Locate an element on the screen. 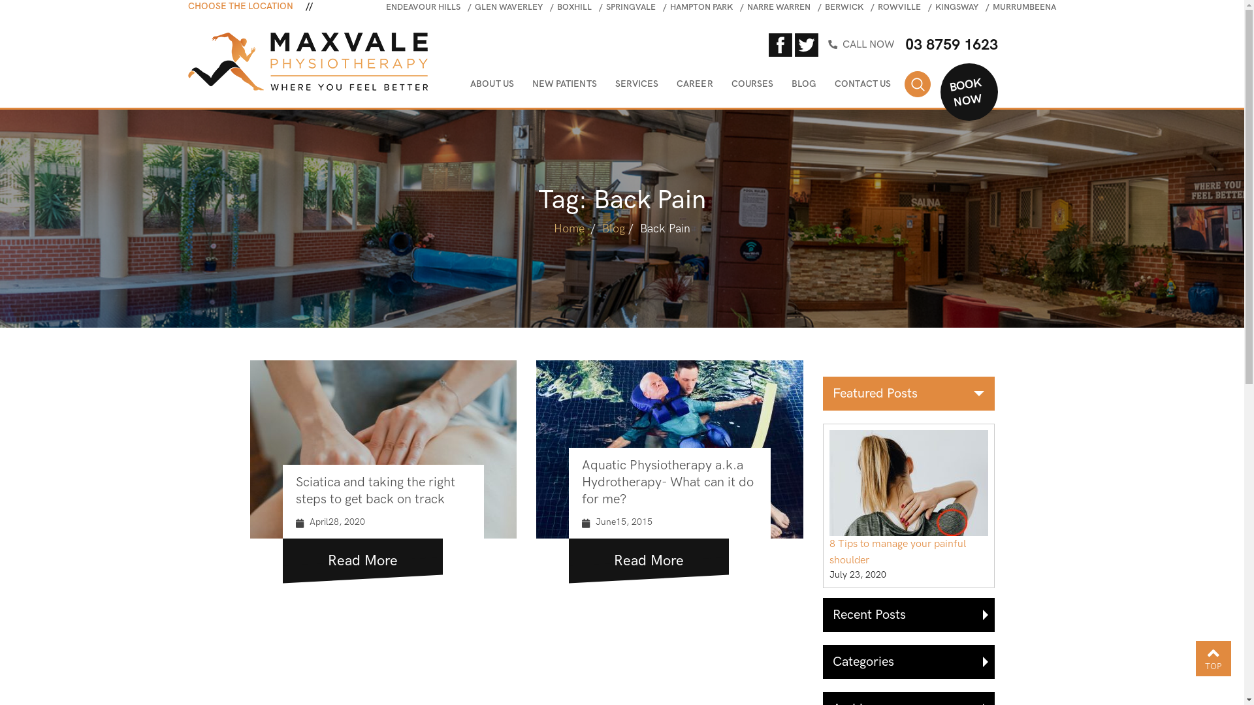  'Recent Posts' is located at coordinates (908, 614).